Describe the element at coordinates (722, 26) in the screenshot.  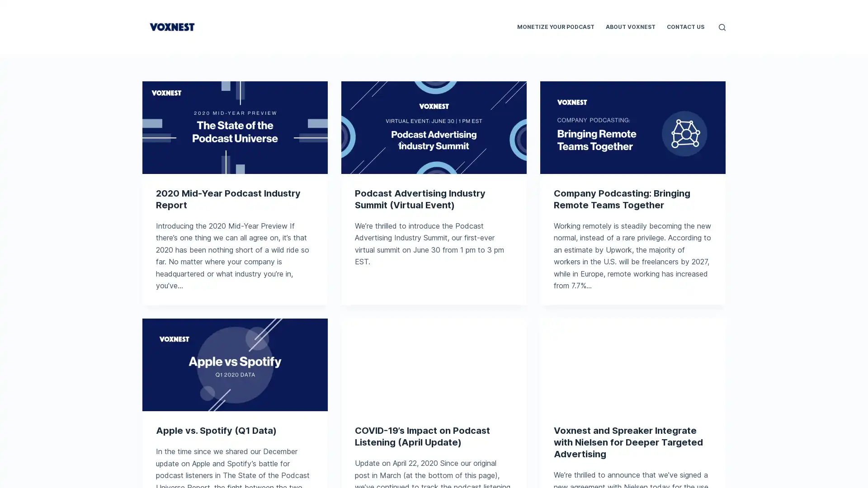
I see `Open search form` at that location.